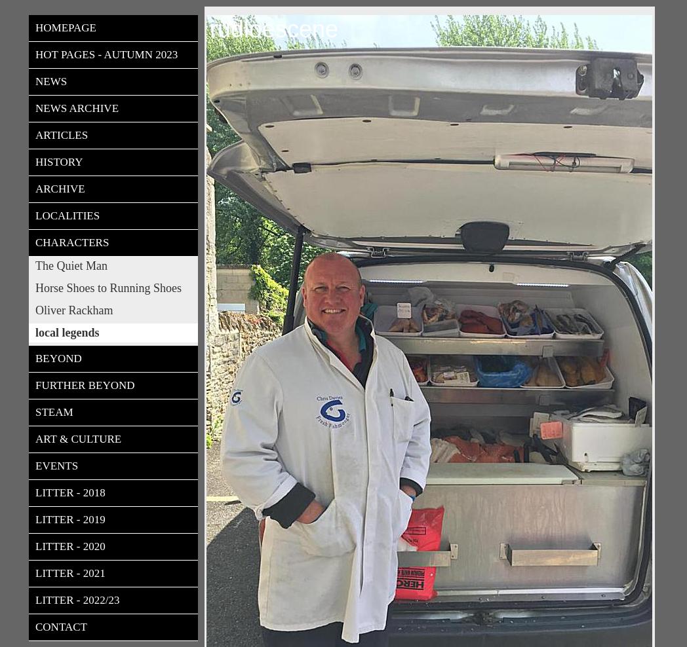 The height and width of the screenshot is (647, 687). What do you see at coordinates (35, 627) in the screenshot?
I see `'Contact'` at bounding box center [35, 627].